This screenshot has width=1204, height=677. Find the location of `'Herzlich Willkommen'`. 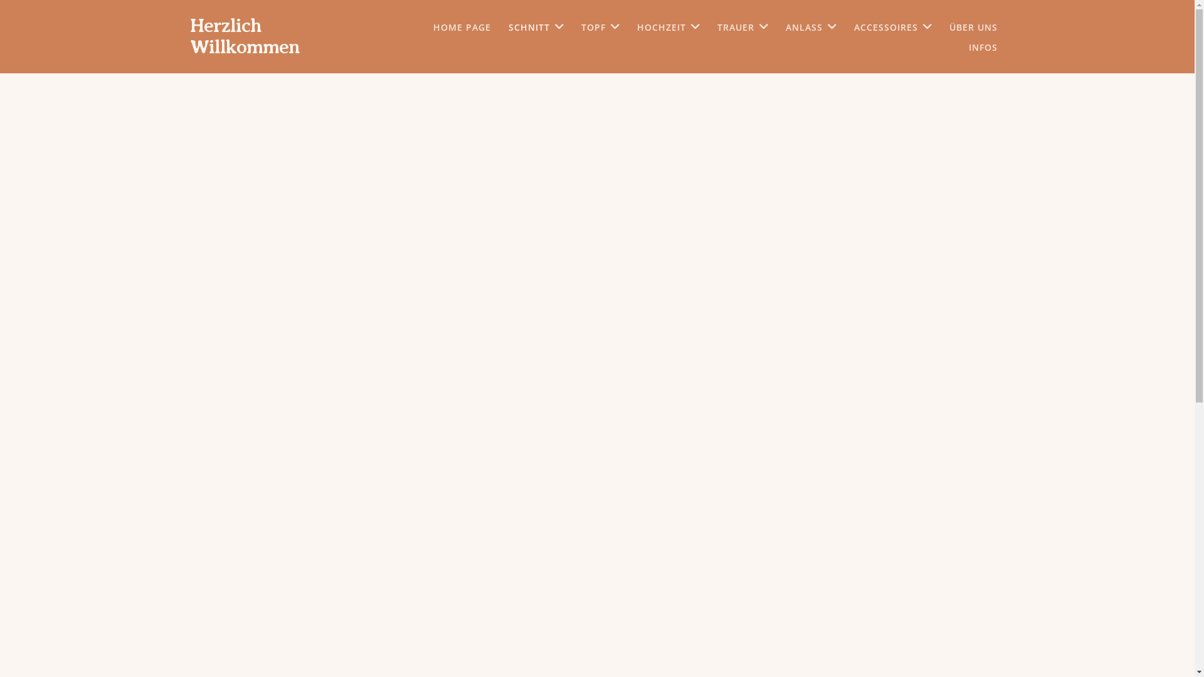

'Herzlich Willkommen' is located at coordinates (189, 35).